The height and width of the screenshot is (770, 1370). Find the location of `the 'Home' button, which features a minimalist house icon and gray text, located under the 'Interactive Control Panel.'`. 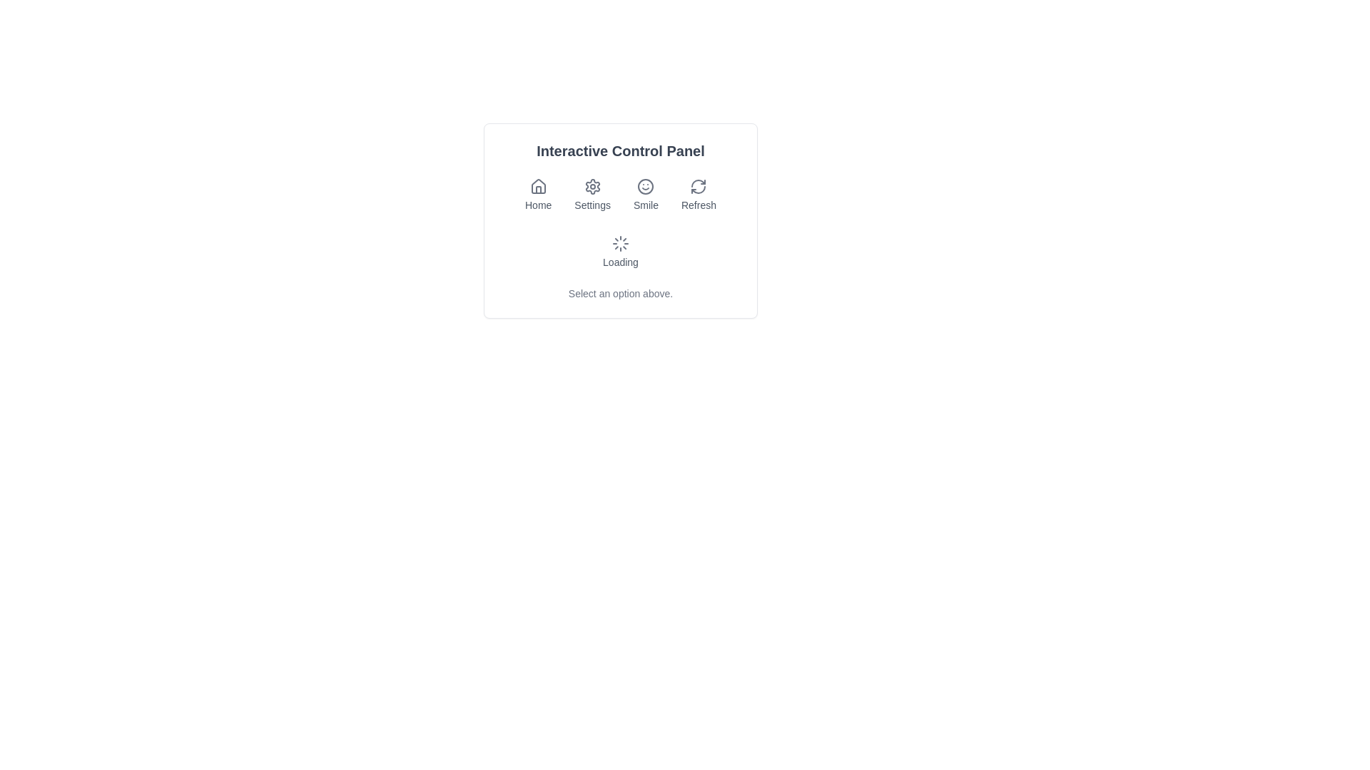

the 'Home' button, which features a minimalist house icon and gray text, located under the 'Interactive Control Panel.' is located at coordinates (537, 195).